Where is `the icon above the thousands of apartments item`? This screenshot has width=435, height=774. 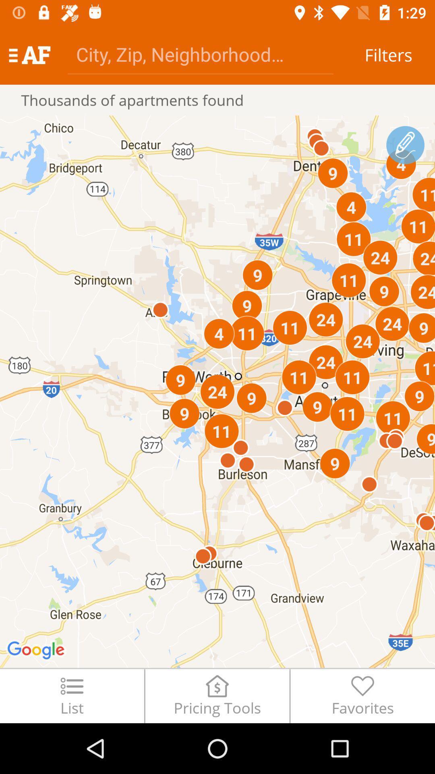
the icon above the thousands of apartments item is located at coordinates (29, 54).